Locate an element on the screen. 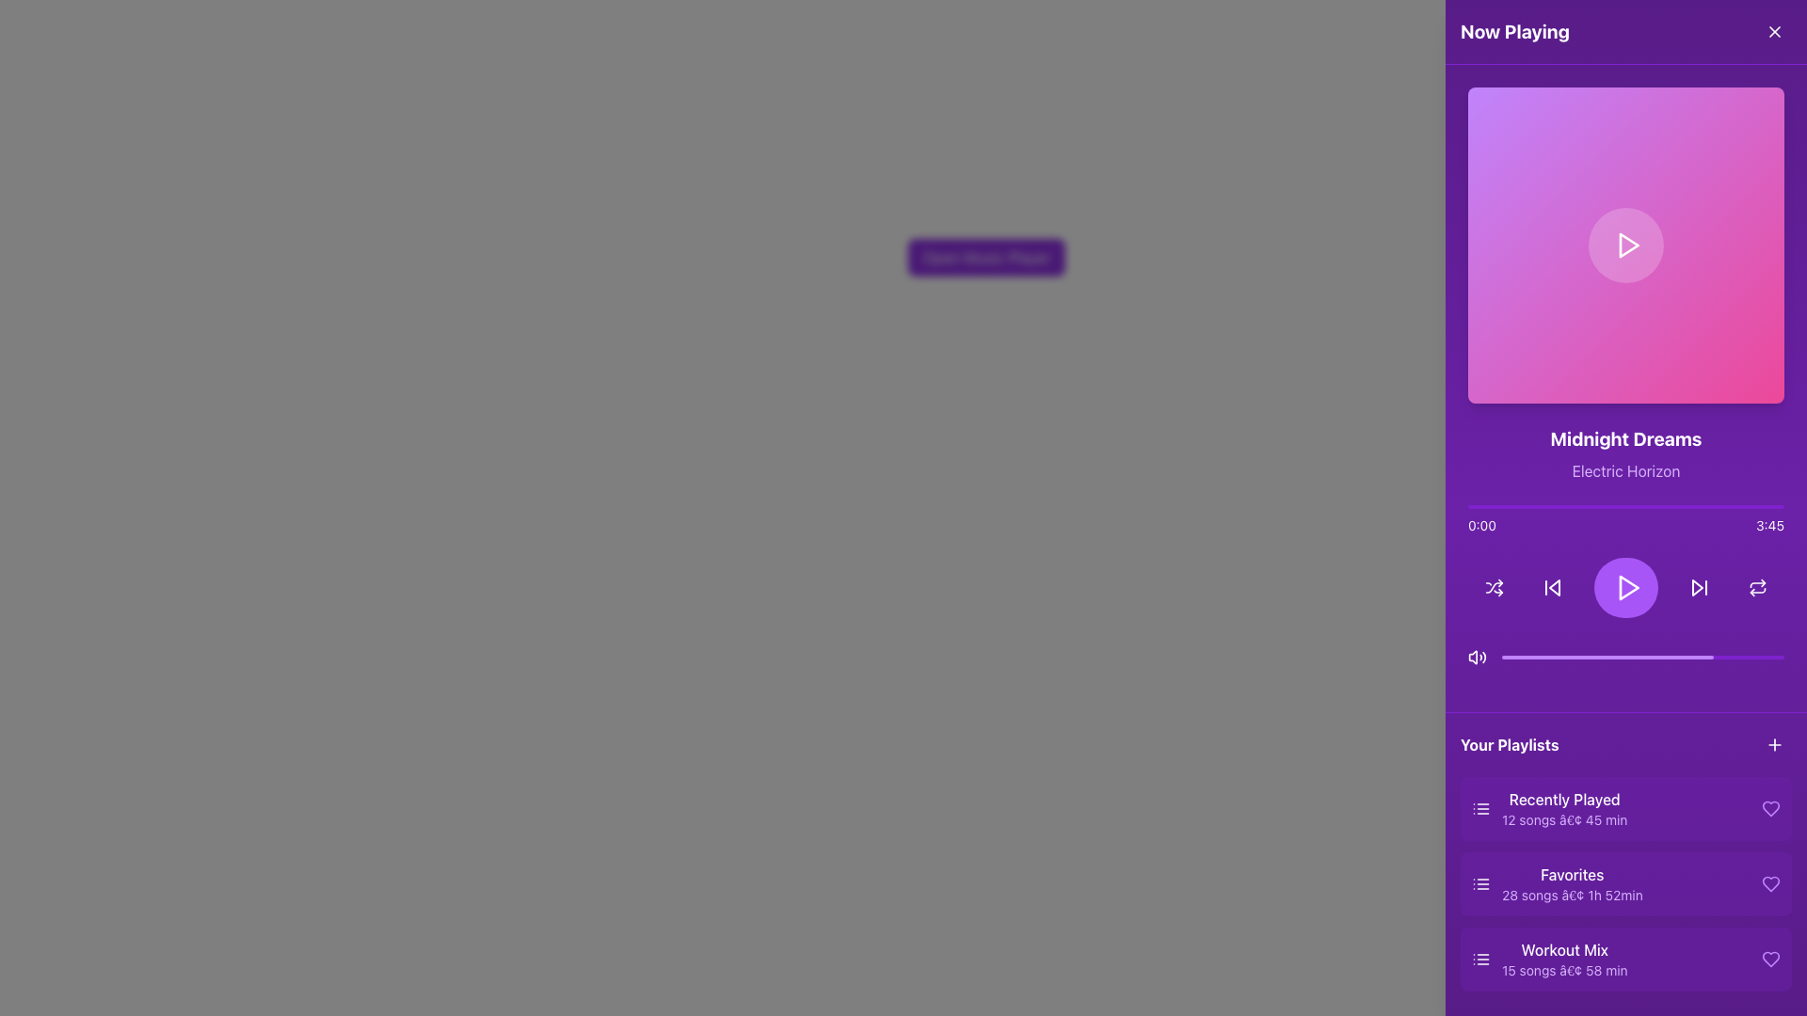 This screenshot has height=1016, width=1807. the volume is located at coordinates (1541, 656).